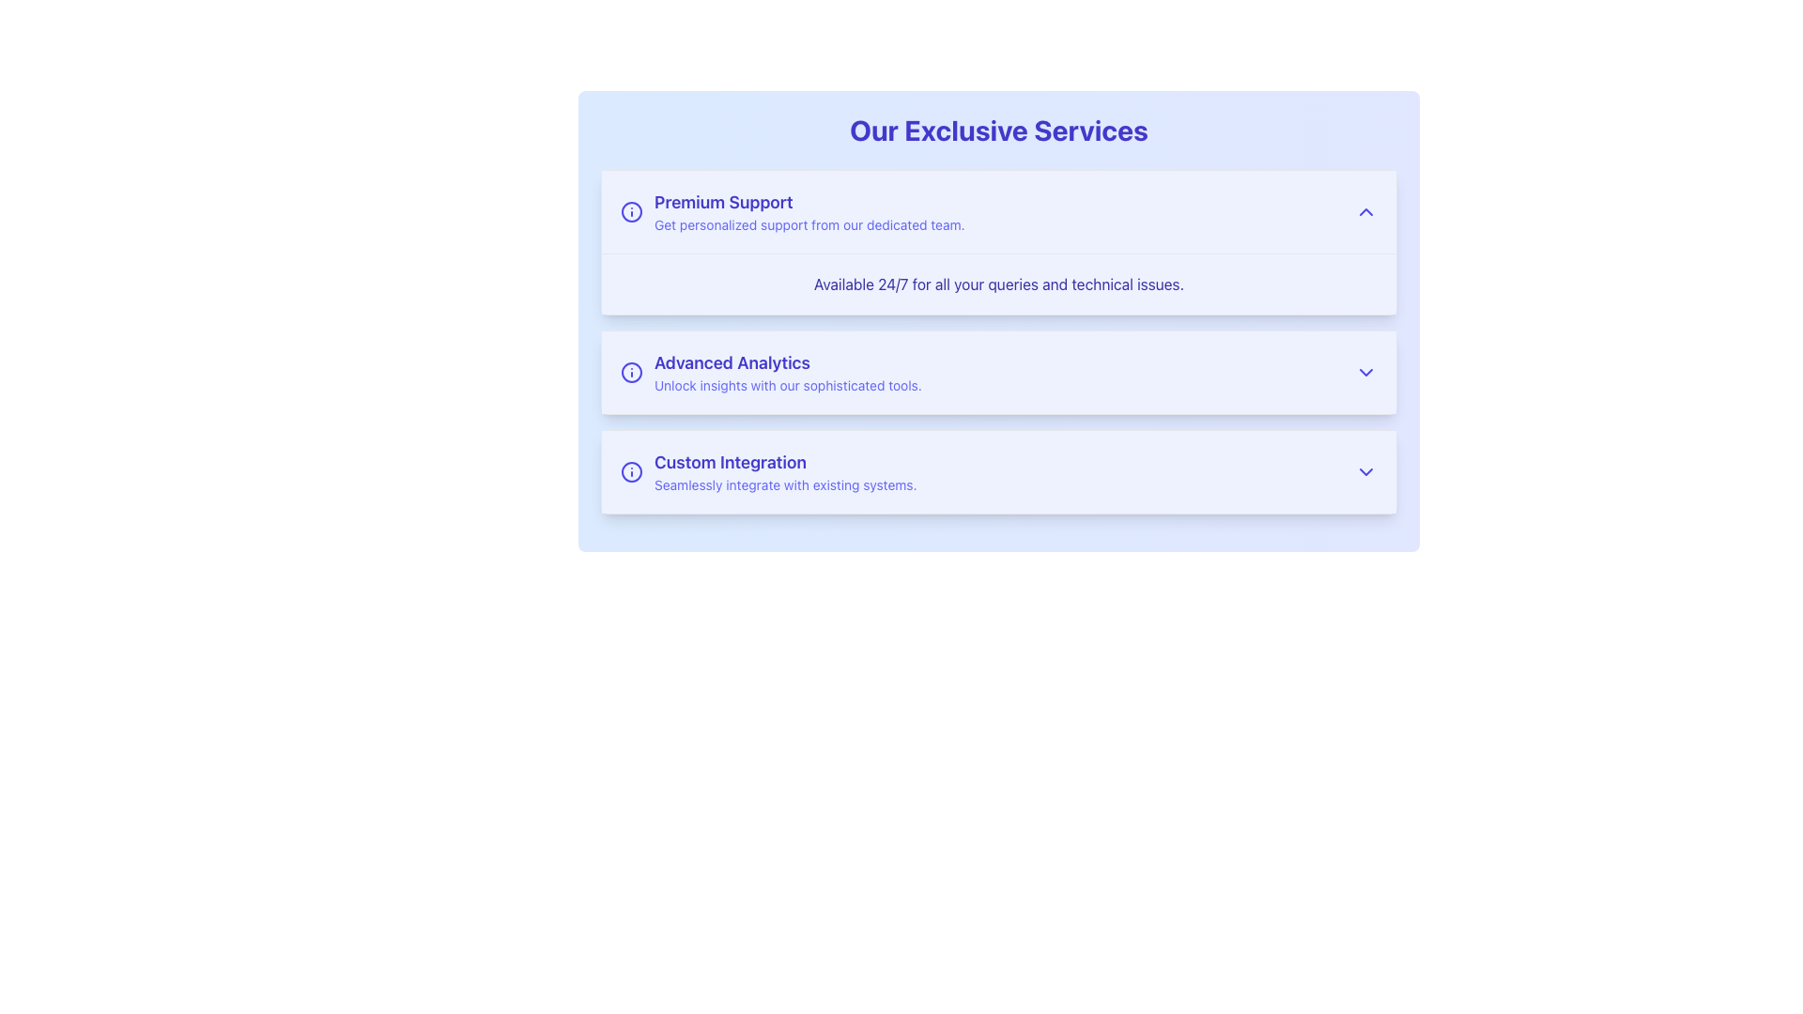 The image size is (1803, 1014). Describe the element at coordinates (809, 223) in the screenshot. I see `the informational text located in the 'Premium Support' section, directly below the header and aligned flush left with the heading` at that location.